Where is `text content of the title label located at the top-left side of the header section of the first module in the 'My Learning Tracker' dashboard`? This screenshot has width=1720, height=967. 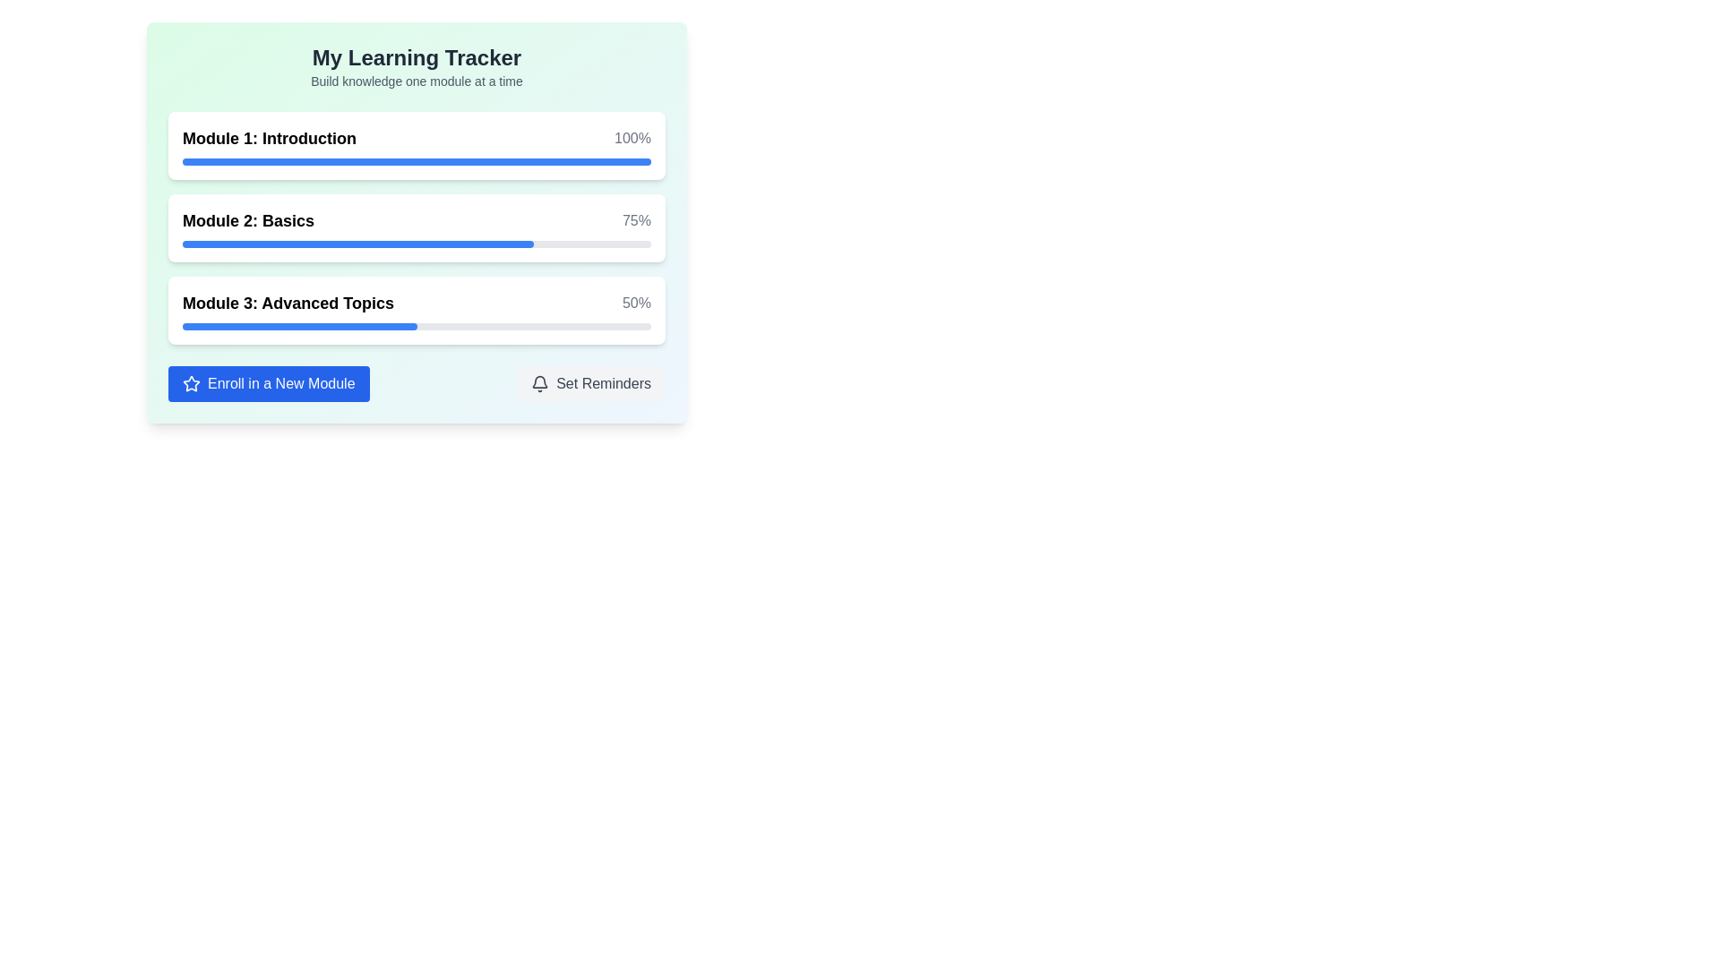 text content of the title label located at the top-left side of the header section of the first module in the 'My Learning Tracker' dashboard is located at coordinates (269, 137).